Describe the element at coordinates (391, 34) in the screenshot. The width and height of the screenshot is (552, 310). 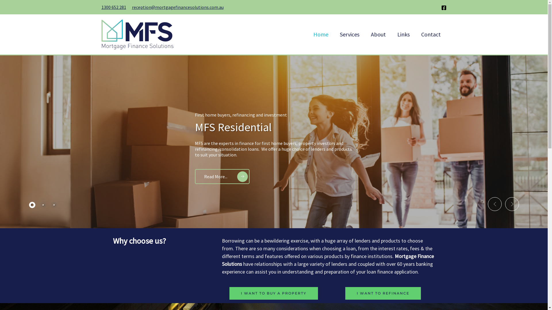
I see `'Links'` at that location.